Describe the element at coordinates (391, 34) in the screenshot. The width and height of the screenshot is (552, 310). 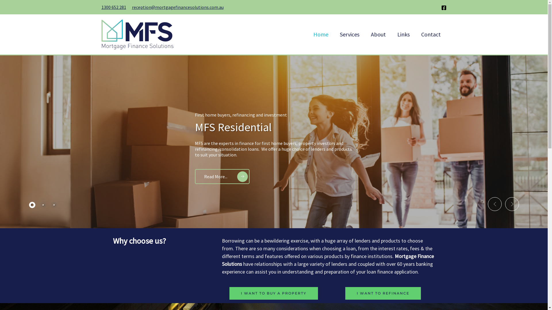
I see `'Links'` at that location.